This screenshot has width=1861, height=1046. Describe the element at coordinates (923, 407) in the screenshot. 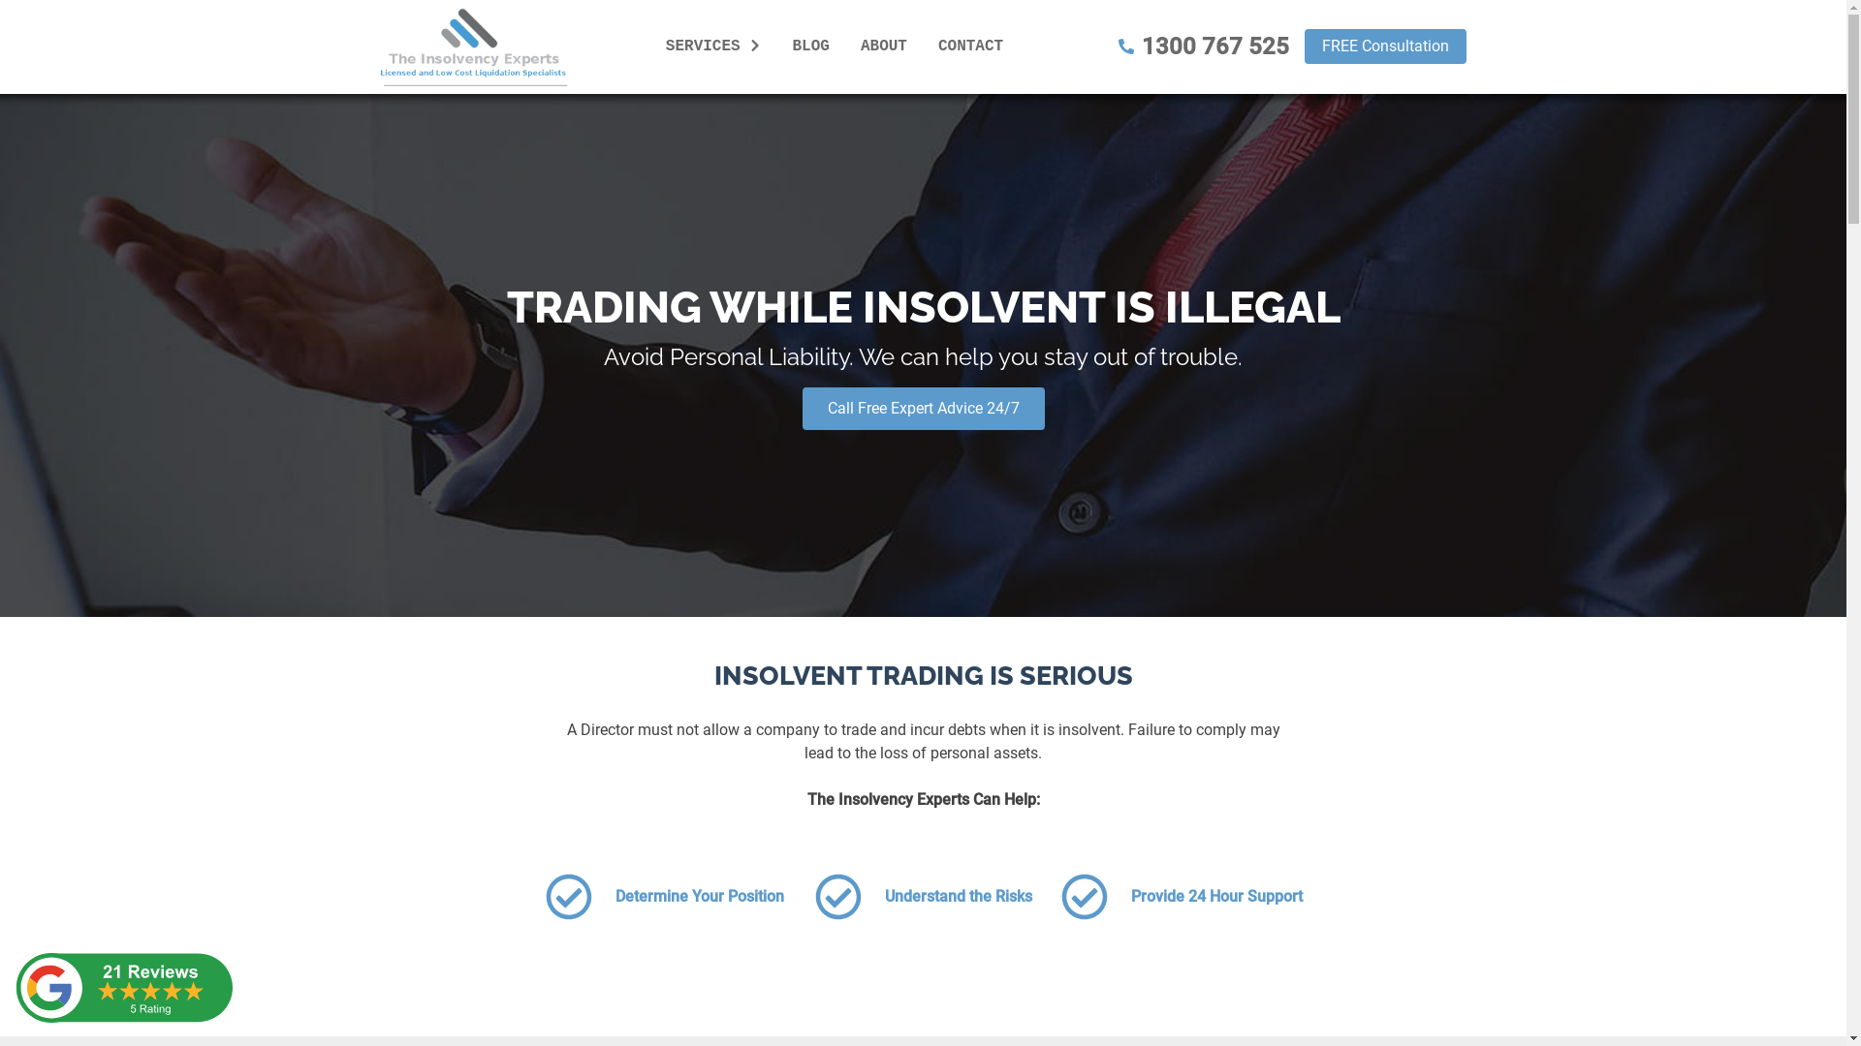

I see `'Call Free Expert Advice 24/7'` at that location.